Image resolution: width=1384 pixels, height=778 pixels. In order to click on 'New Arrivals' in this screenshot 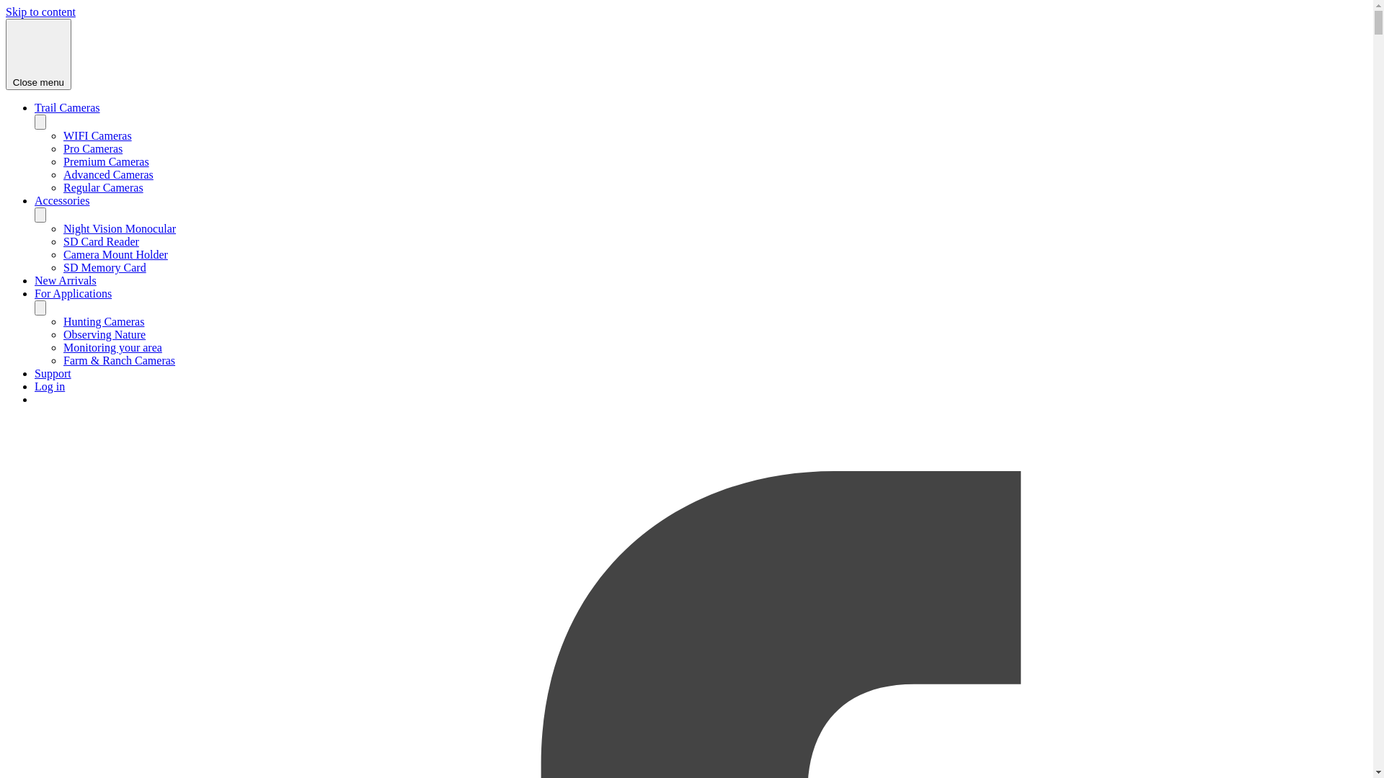, I will do `click(65, 280)`.